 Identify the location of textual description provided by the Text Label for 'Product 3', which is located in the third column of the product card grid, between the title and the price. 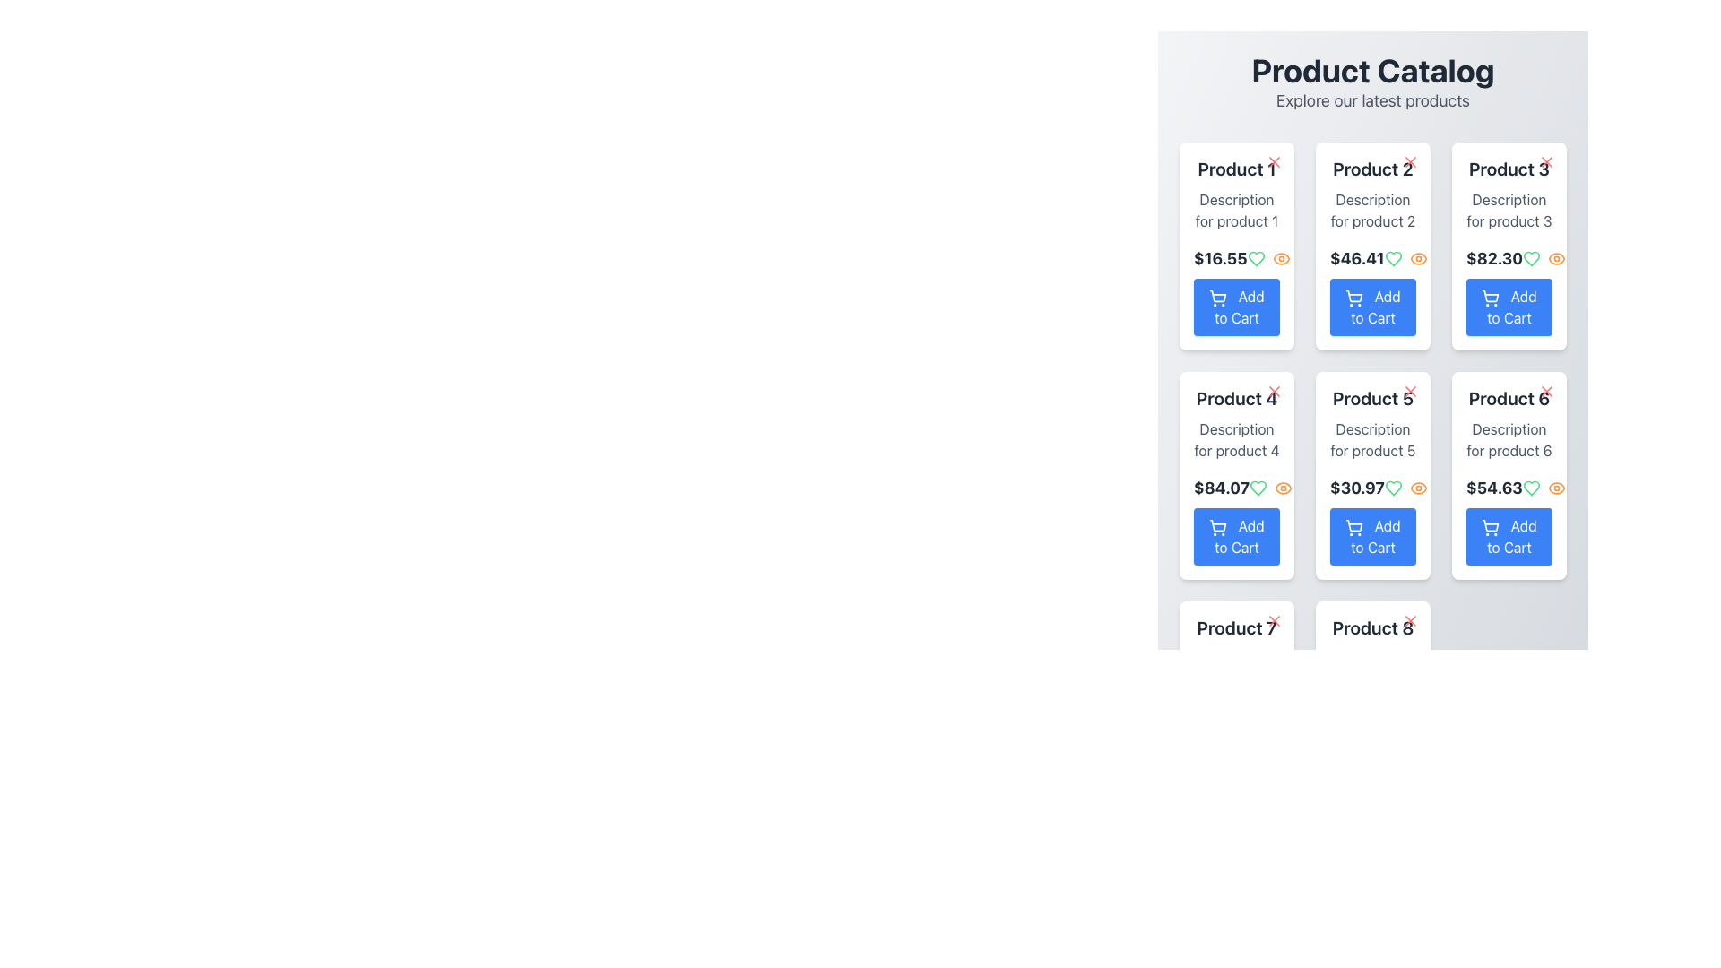
(1509, 210).